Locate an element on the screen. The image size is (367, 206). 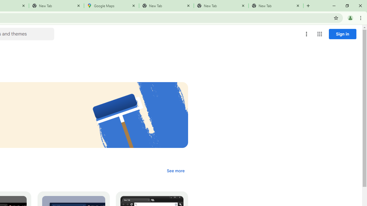
'New Tab' is located at coordinates (276, 6).